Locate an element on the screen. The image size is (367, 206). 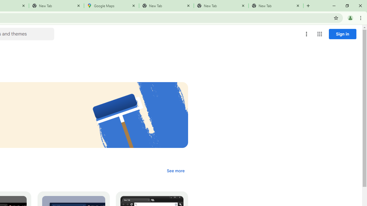
'New Tab' is located at coordinates (276, 6).